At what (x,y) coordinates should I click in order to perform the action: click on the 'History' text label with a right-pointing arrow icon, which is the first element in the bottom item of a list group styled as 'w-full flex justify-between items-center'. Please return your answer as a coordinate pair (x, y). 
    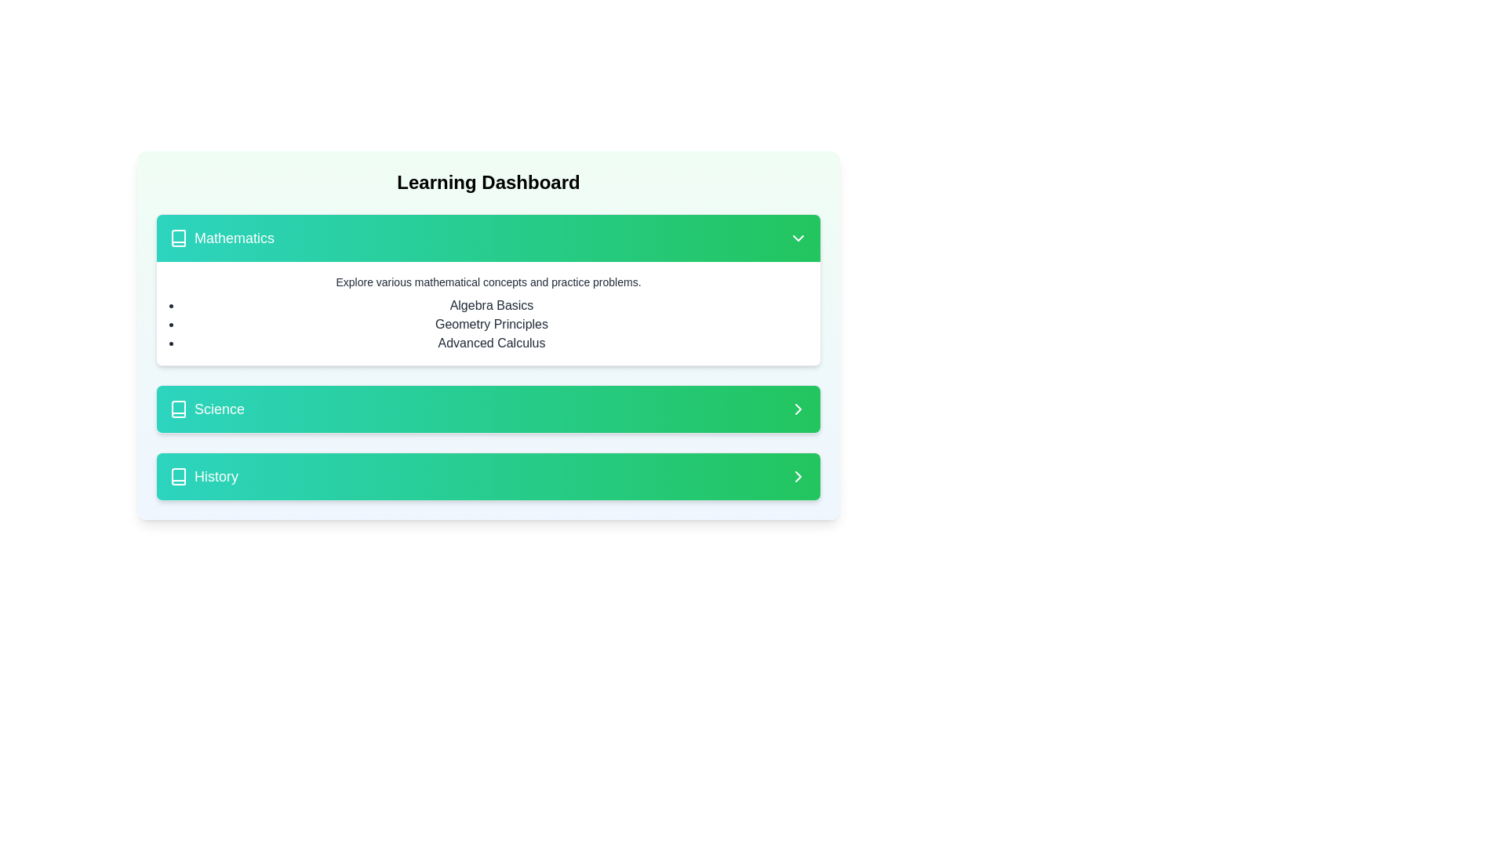
    Looking at the image, I should click on (202, 476).